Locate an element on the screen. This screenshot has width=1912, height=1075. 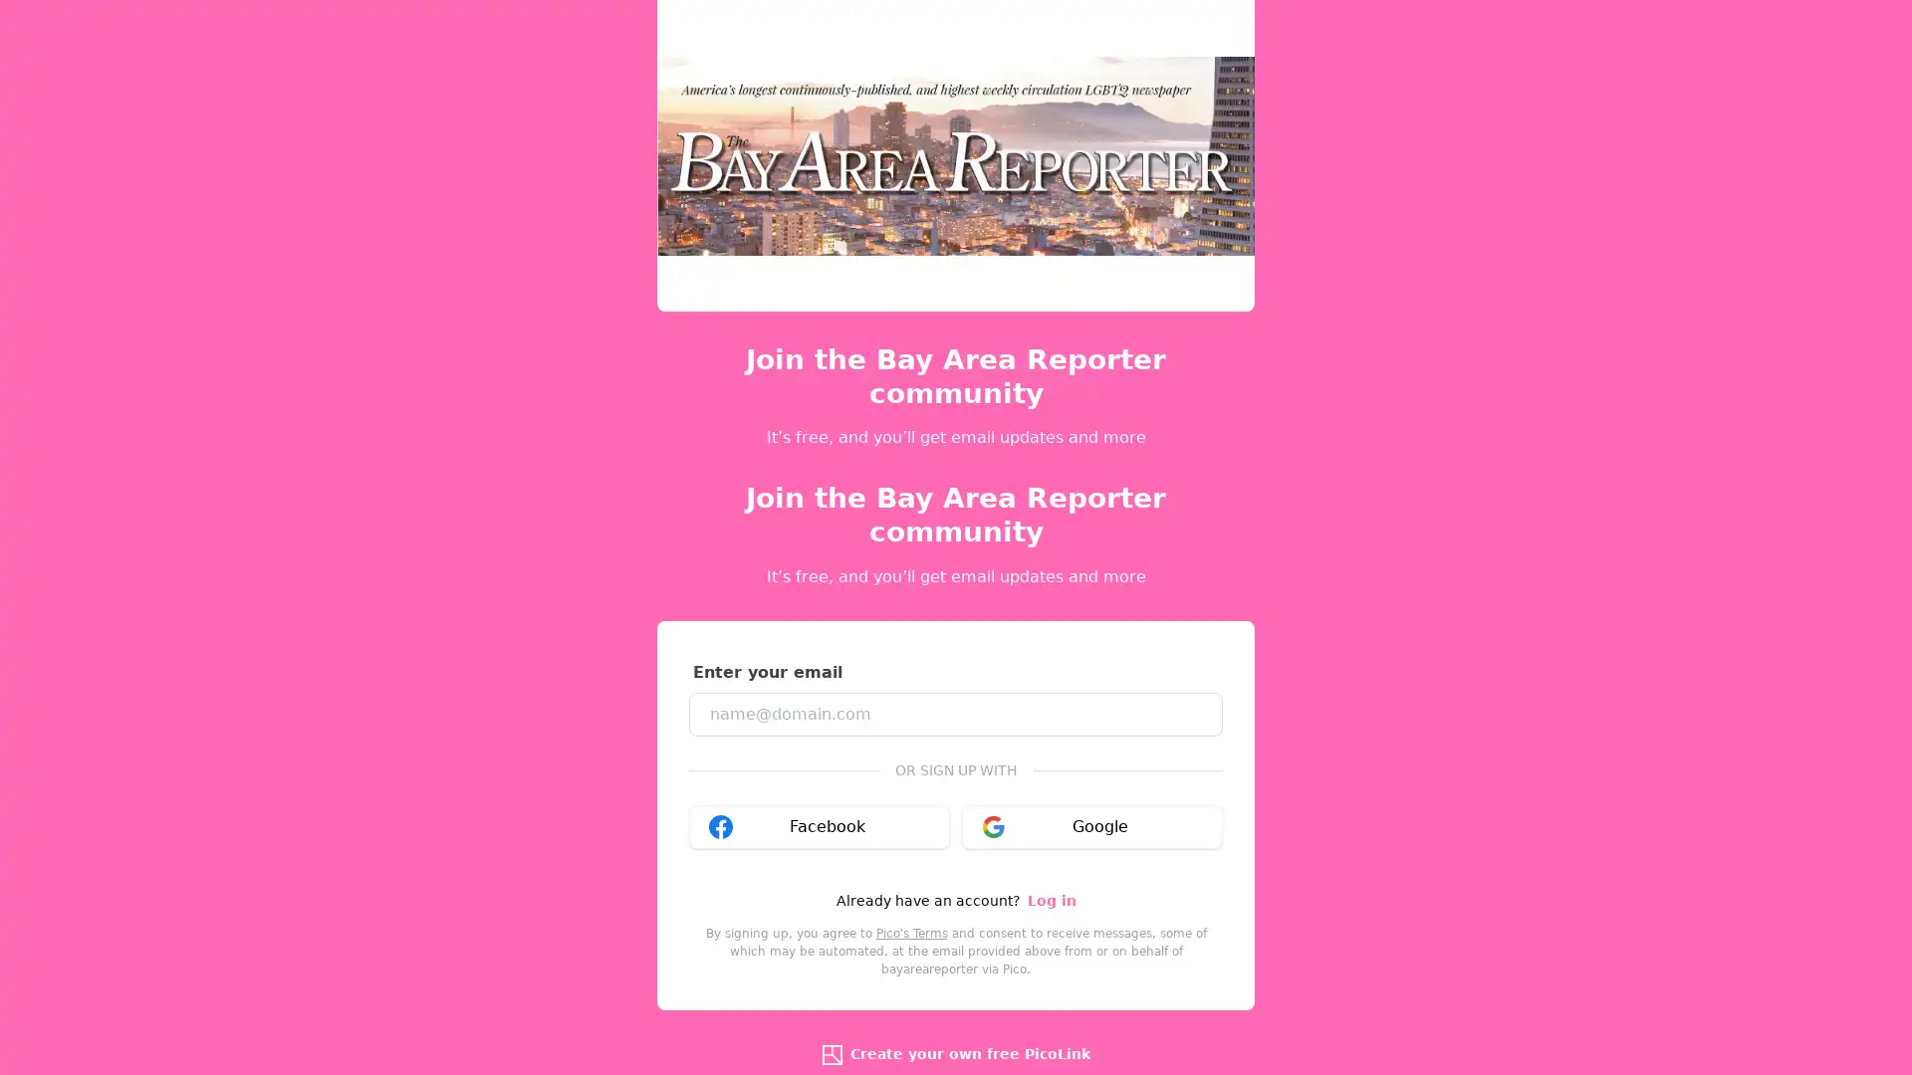
Log in is located at coordinates (1050, 899).